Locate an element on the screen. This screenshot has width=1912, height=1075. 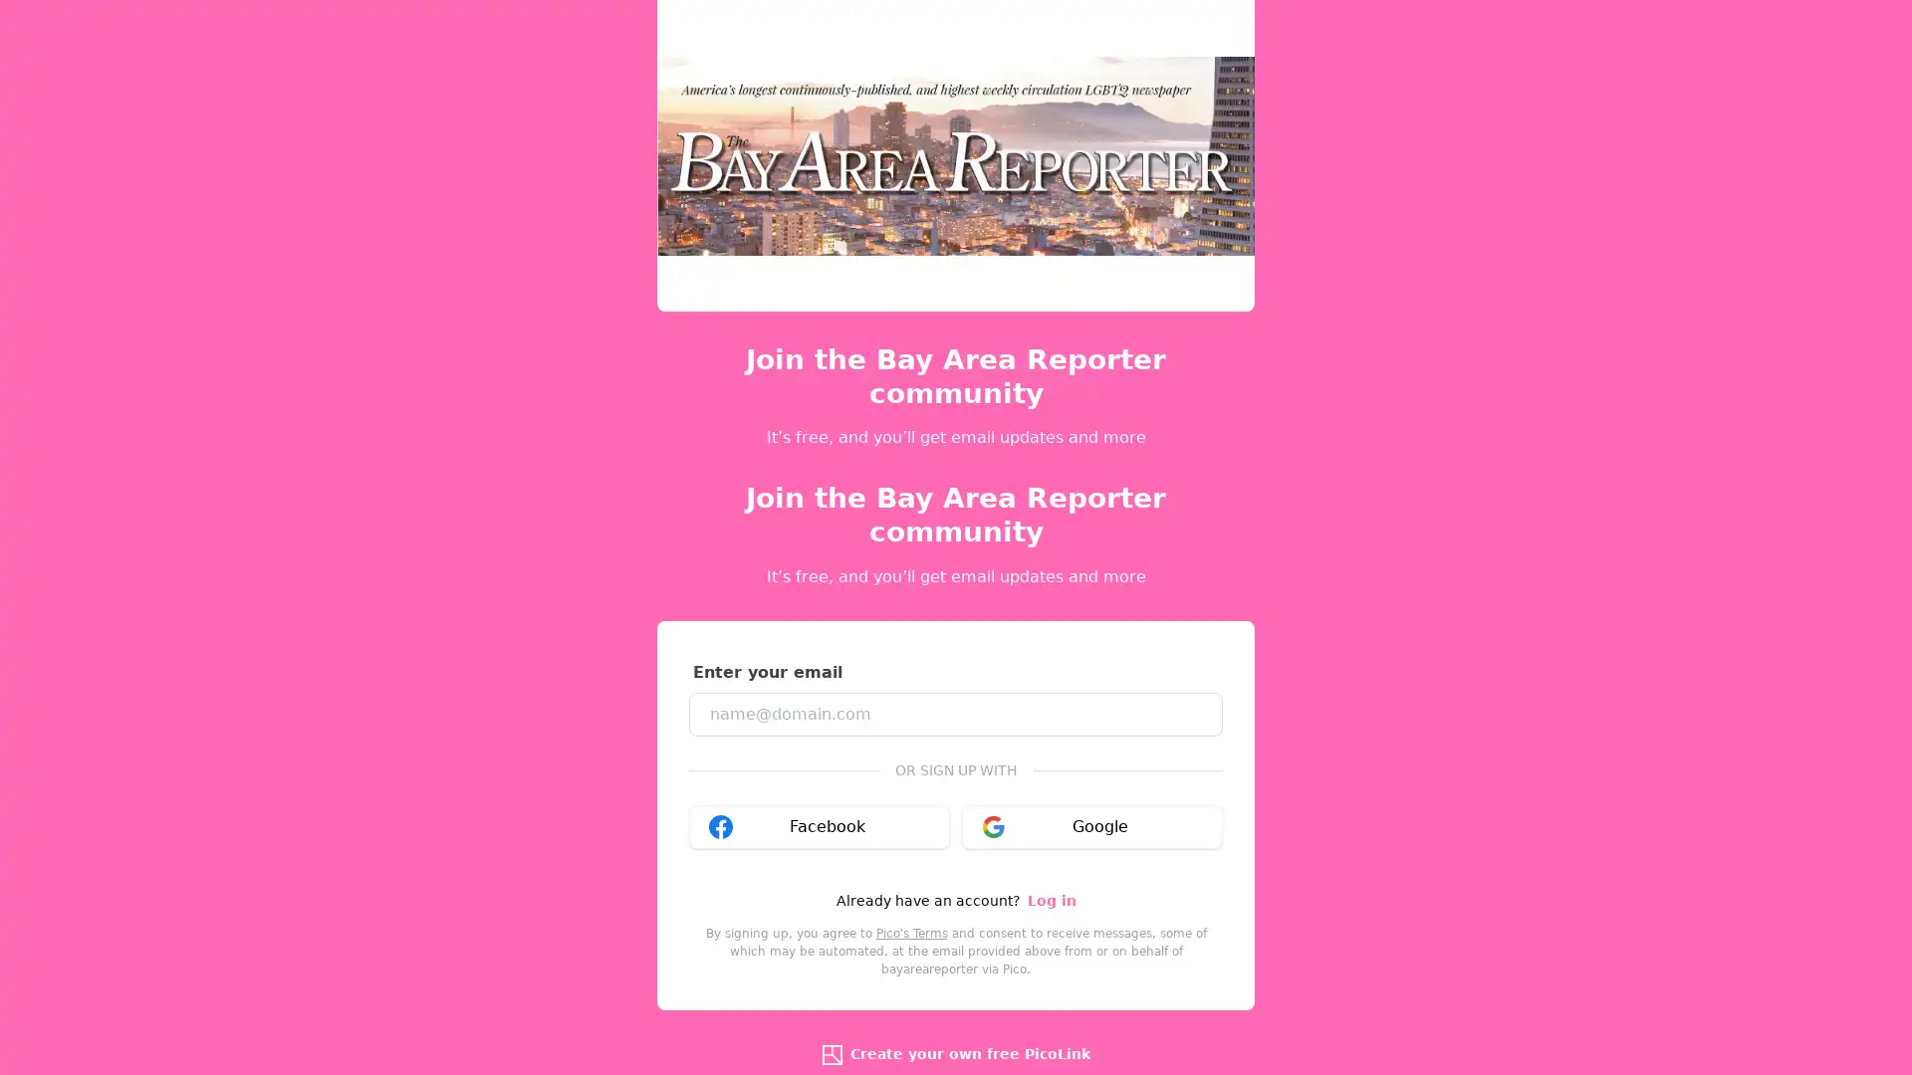
Log in is located at coordinates (1050, 899).